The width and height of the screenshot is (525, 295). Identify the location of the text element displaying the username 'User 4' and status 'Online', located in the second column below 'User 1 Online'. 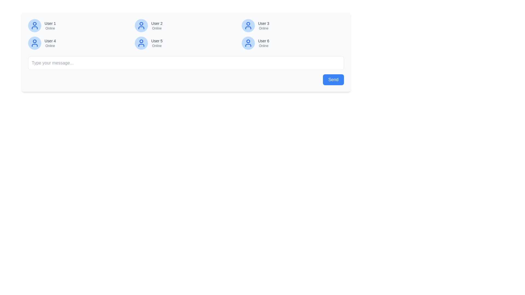
(50, 43).